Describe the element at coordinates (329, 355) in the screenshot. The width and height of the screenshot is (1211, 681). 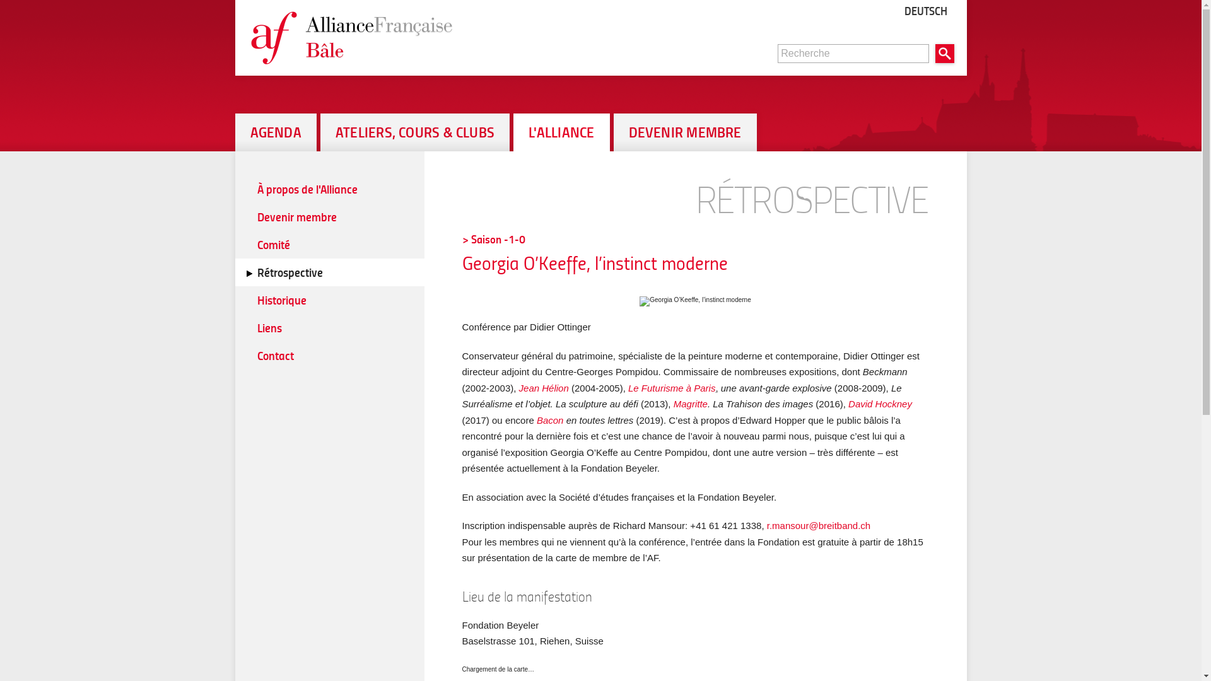
I see `'Contact'` at that location.